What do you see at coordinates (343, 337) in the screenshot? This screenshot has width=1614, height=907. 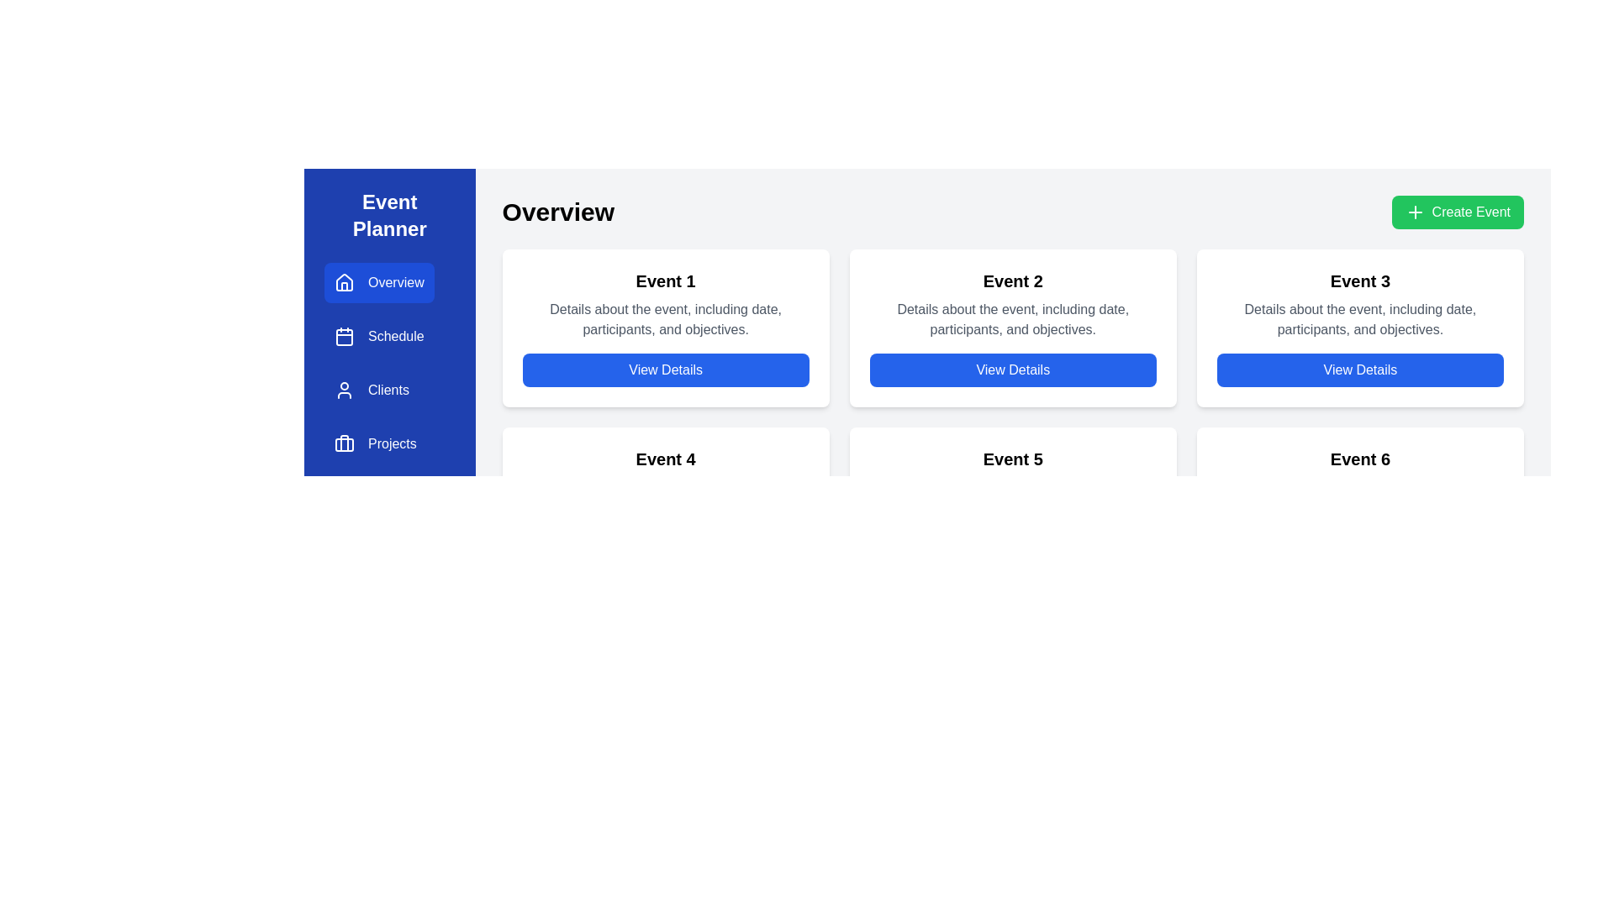 I see `the internal rectangle of the calendar icon located in the sidebar` at bounding box center [343, 337].